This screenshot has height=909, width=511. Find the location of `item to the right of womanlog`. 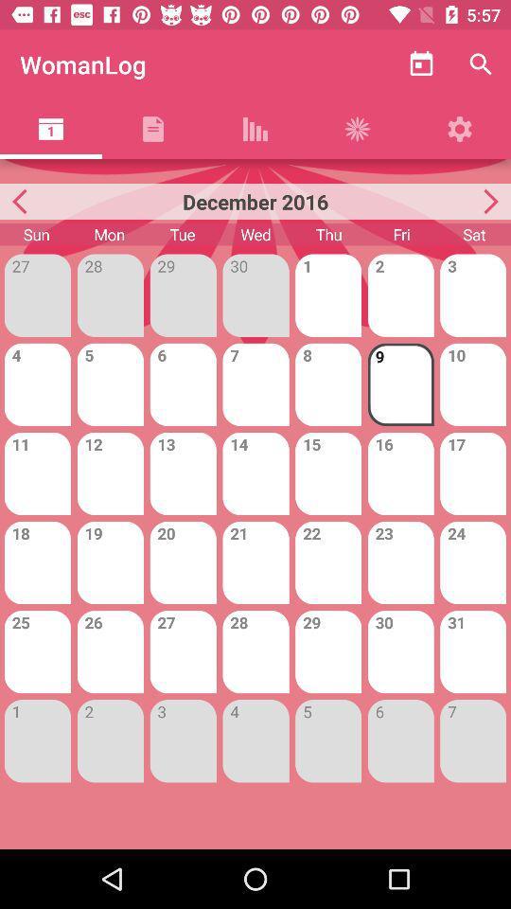

item to the right of womanlog is located at coordinates (421, 64).